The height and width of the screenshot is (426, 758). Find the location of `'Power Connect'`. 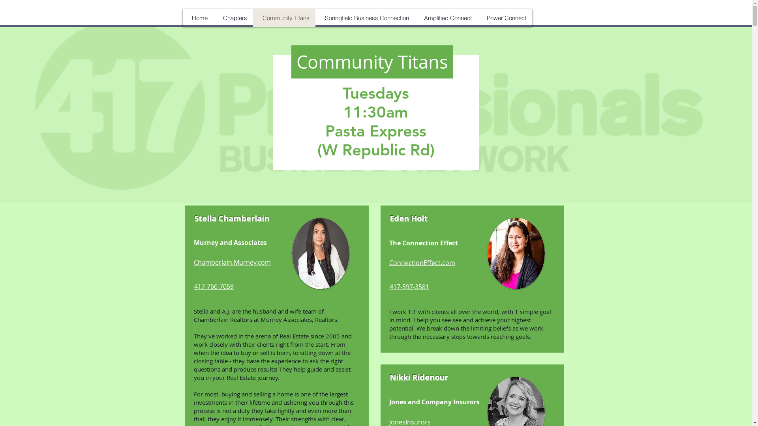

'Power Connect' is located at coordinates (504, 18).